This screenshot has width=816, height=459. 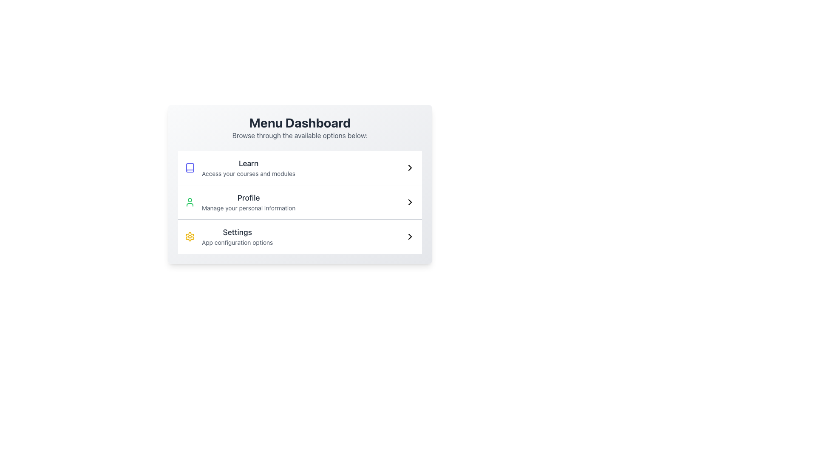 I want to click on the user silhouette icon, which is a green hollow figure of a head and shoulders located to the left of the 'Profile' text in the menu dashboard, so click(x=189, y=202).